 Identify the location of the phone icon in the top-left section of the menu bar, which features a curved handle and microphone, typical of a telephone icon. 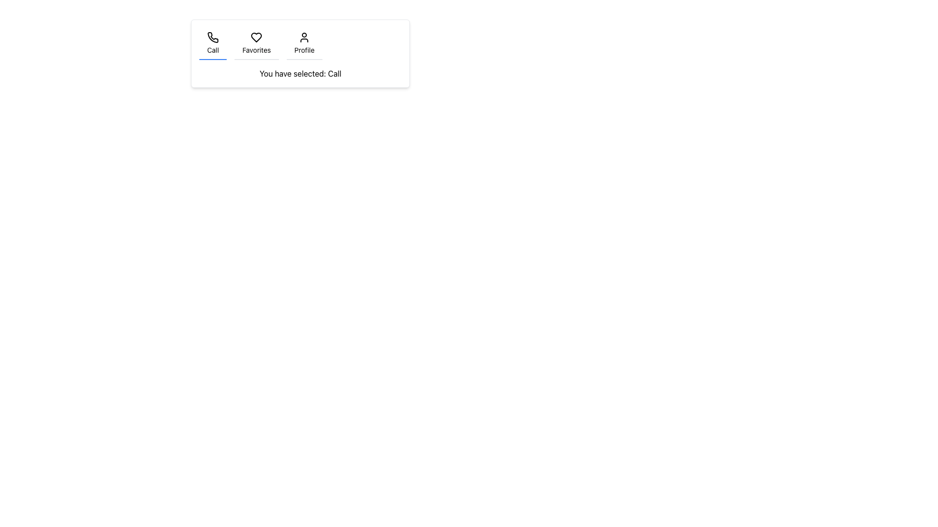
(213, 37).